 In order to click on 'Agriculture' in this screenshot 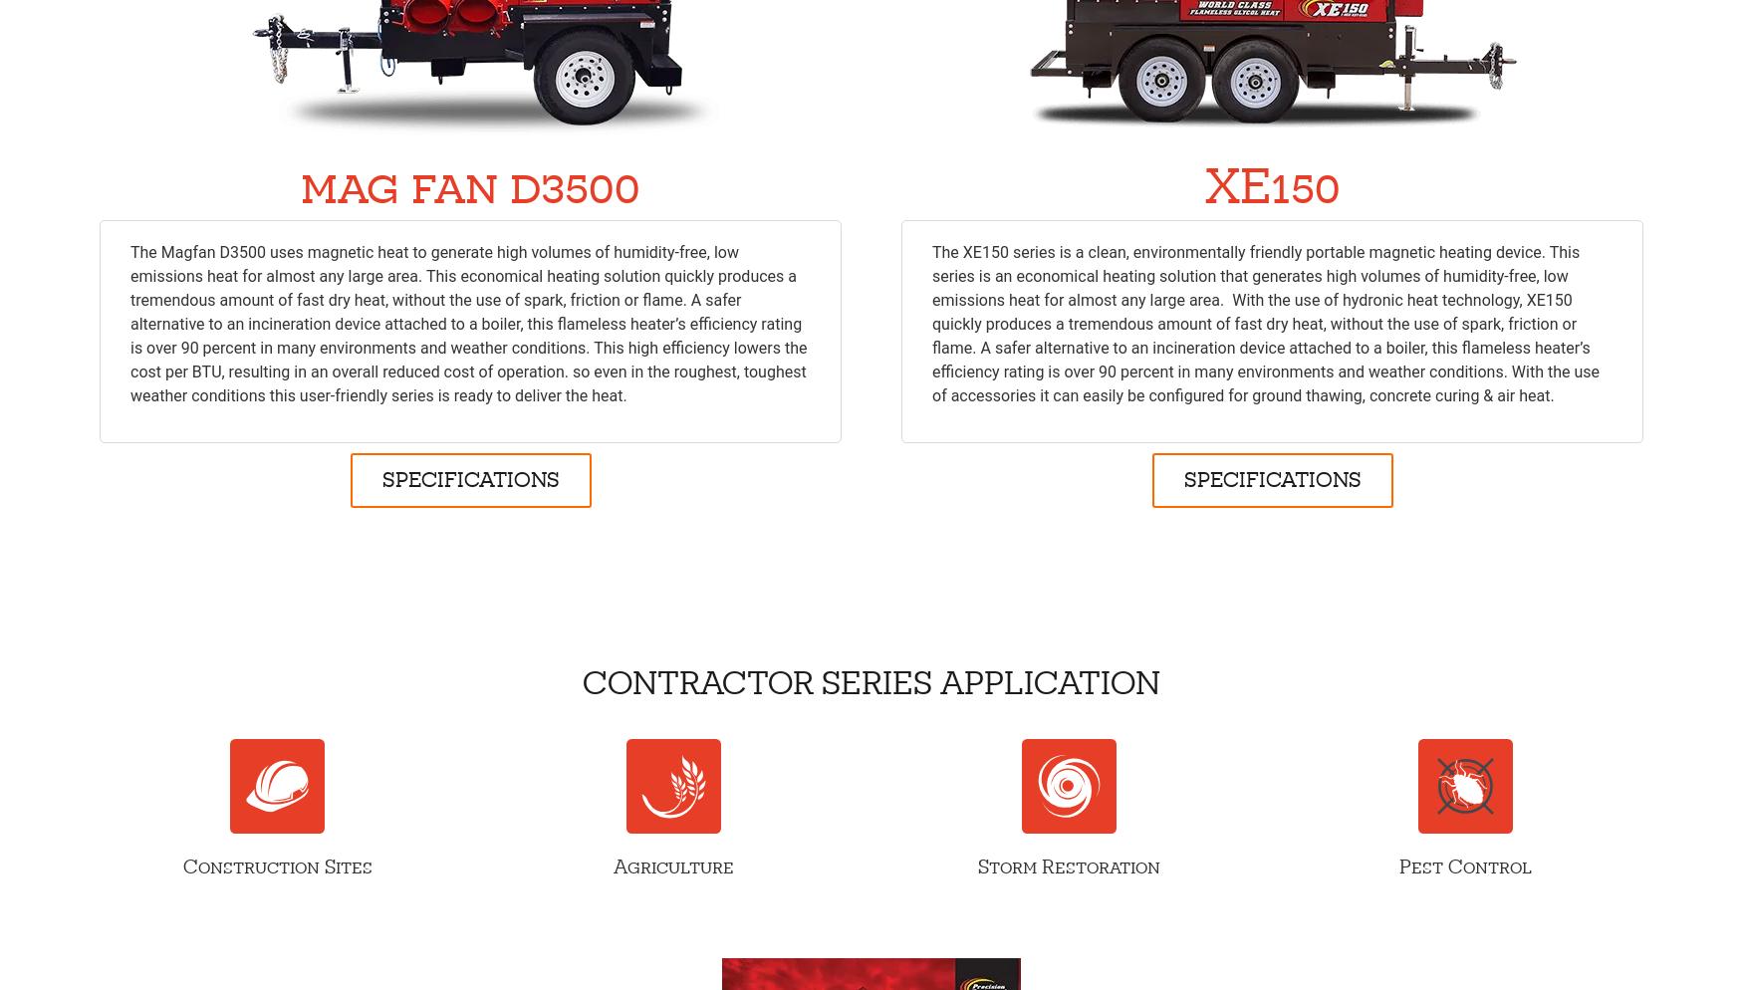, I will do `click(612, 866)`.